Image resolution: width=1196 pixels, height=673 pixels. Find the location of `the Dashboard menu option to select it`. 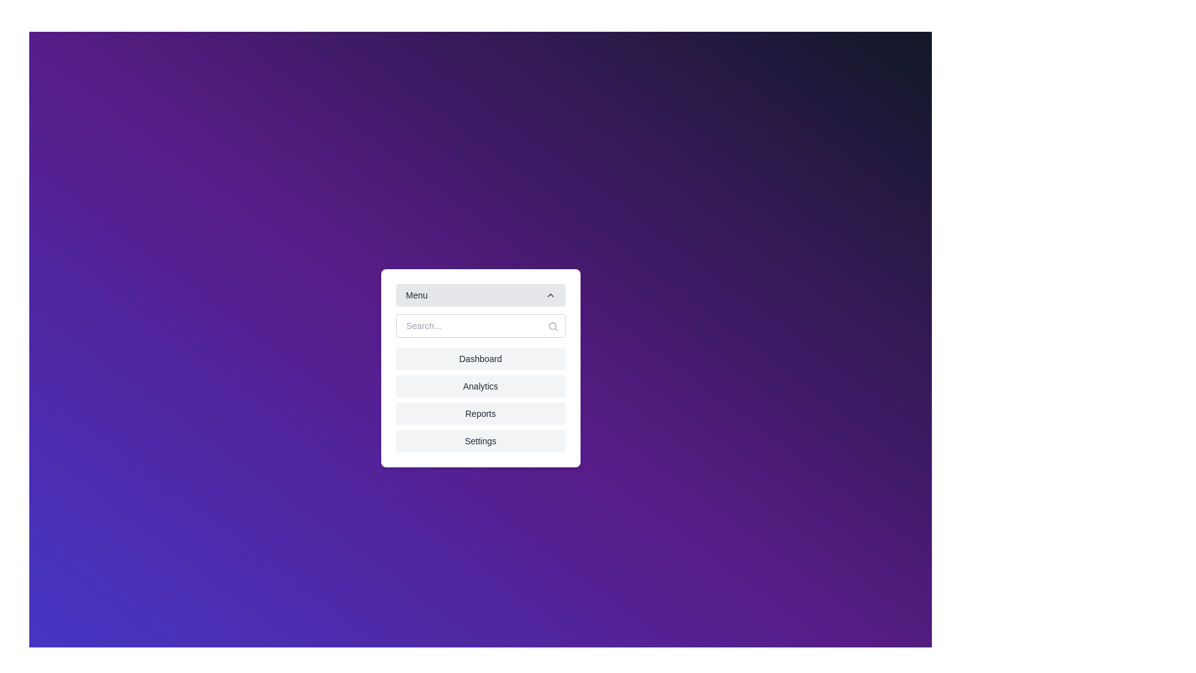

the Dashboard menu option to select it is located at coordinates (480, 358).